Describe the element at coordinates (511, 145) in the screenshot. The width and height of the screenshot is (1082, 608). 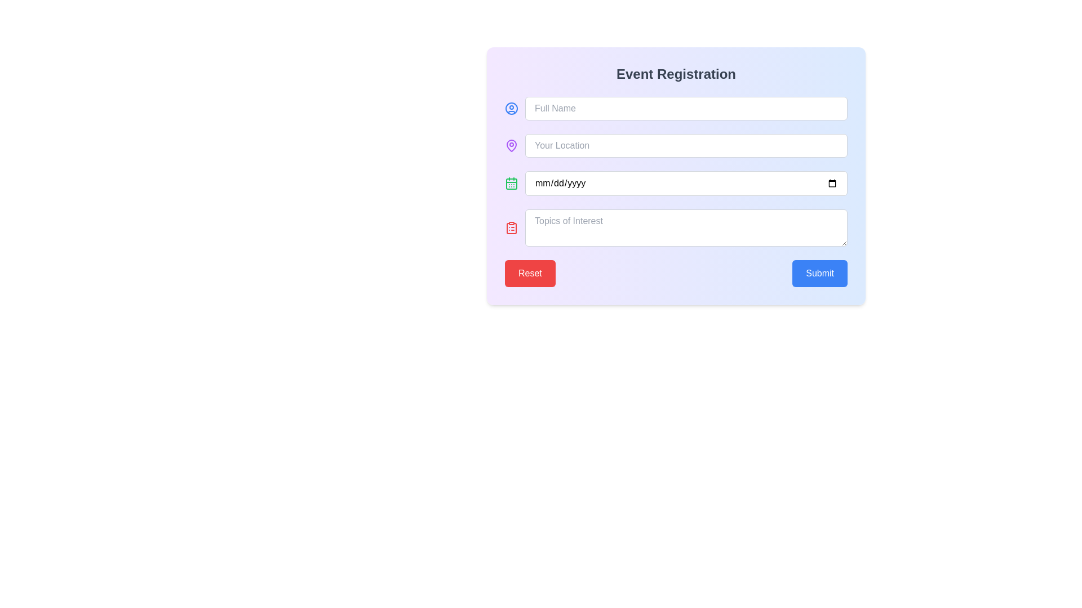
I see `the location icon in the second row of the left icon column, which symbolizes location data input for the 'Your Location' field in the 'Event Registration' form` at that location.